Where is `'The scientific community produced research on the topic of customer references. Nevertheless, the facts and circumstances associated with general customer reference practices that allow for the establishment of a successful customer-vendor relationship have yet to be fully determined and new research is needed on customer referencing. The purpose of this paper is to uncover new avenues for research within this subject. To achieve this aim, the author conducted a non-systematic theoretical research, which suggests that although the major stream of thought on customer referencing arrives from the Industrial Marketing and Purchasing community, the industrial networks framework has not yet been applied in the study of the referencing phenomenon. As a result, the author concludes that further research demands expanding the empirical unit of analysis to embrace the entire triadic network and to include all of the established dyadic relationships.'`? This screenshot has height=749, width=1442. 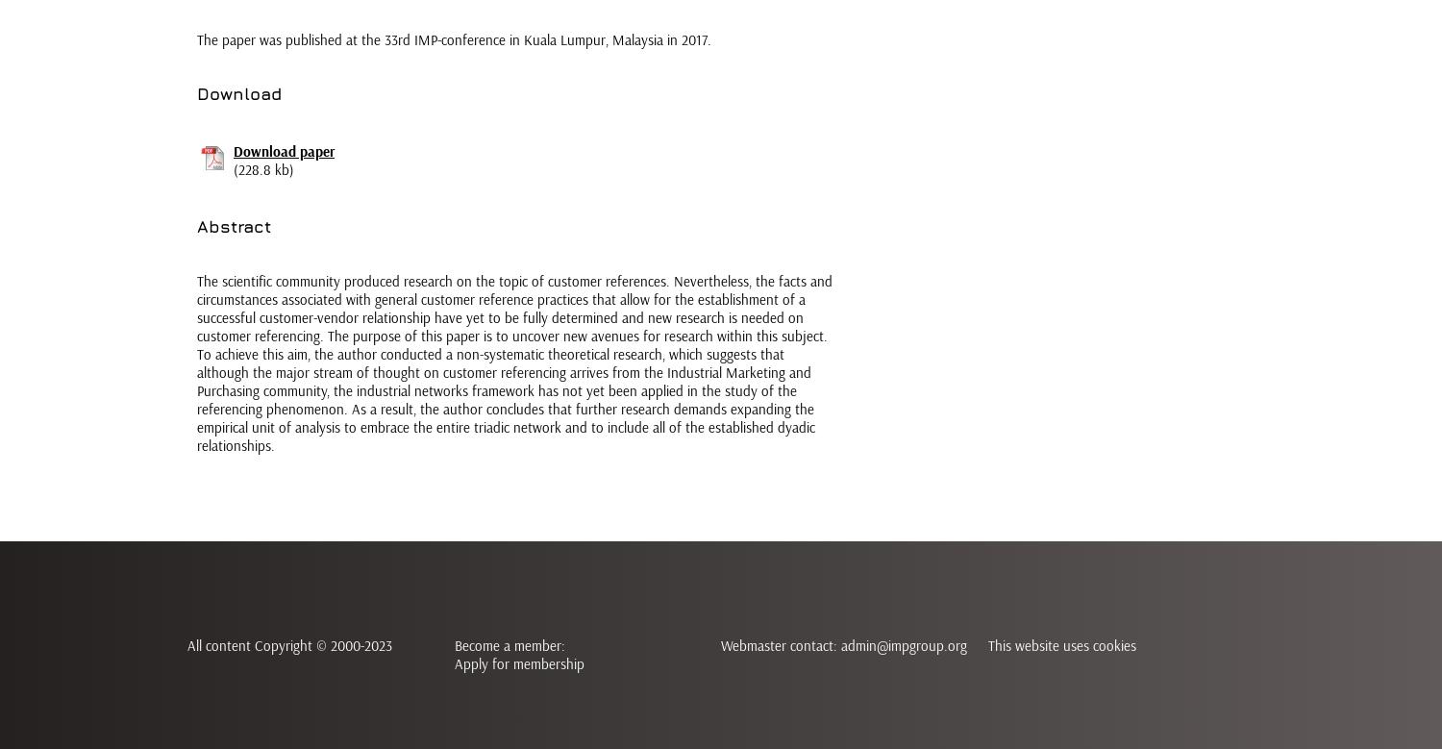 'The scientific community produced research on the topic of customer references. Nevertheless, the facts and circumstances associated with general customer reference practices that allow for the establishment of a successful customer-vendor relationship have yet to be fully determined and new research is needed on customer referencing. The purpose of this paper is to uncover new avenues for research within this subject. To achieve this aim, the author conducted a non-systematic theoretical research, which suggests that although the major stream of thought on customer referencing arrives from the Industrial Marketing and Purchasing community, the industrial networks framework has not yet been applied in the study of the referencing phenomenon. As a result, the author concludes that further research demands expanding the empirical unit of analysis to embrace the entire triadic network and to include all of the established dyadic relationships.' is located at coordinates (514, 362).